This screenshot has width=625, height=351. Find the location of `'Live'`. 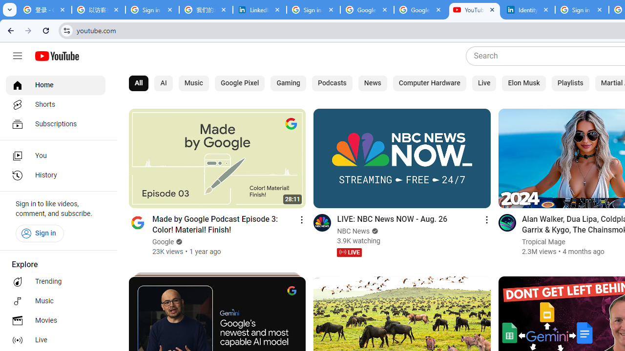

'Live' is located at coordinates (484, 83).